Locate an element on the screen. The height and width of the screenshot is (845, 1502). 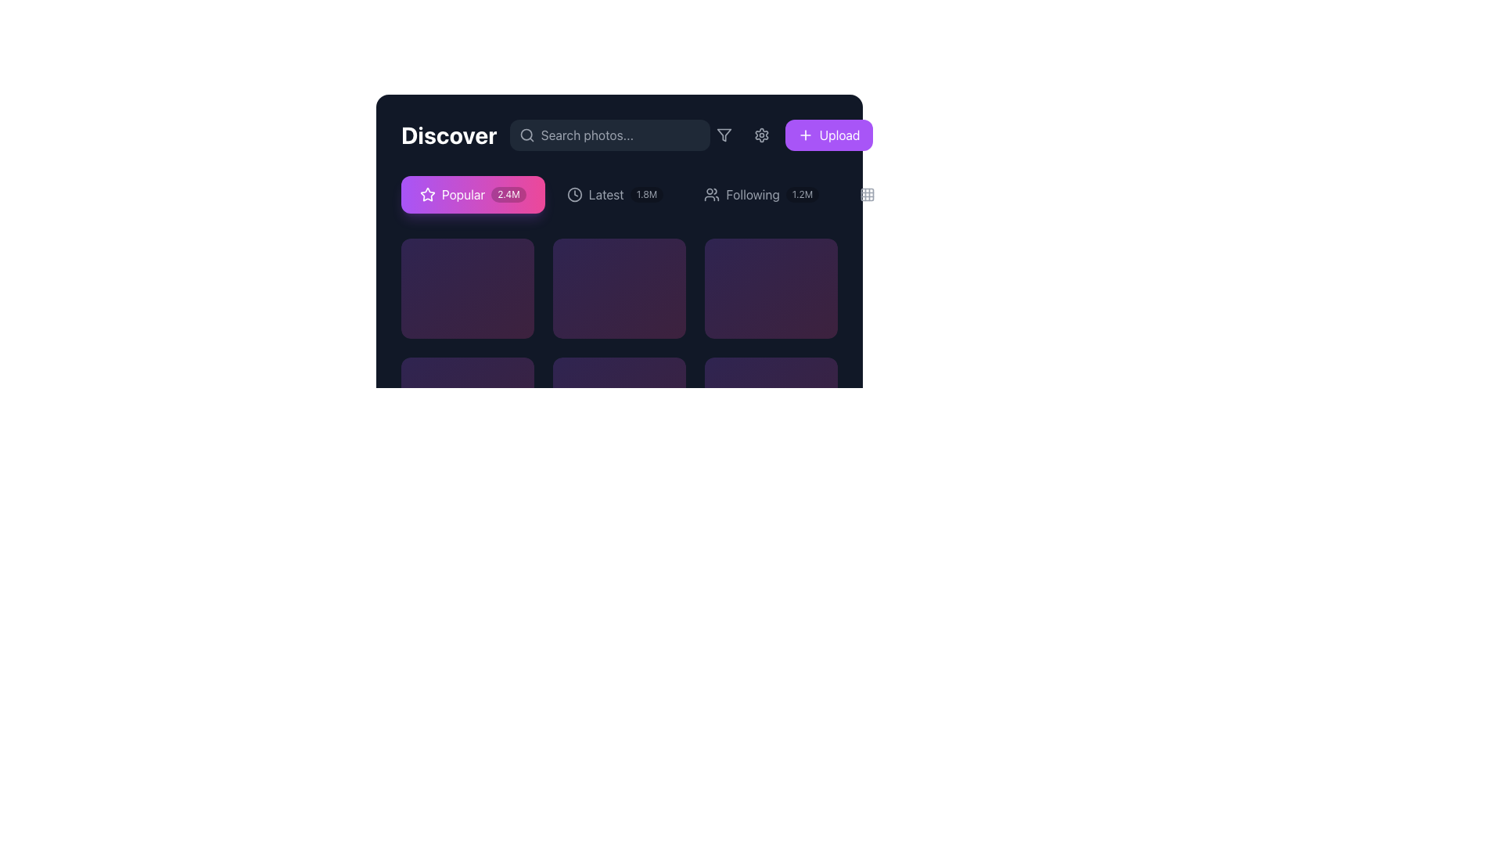
the 'Latest' text label in the navigation bar is located at coordinates (605, 194).